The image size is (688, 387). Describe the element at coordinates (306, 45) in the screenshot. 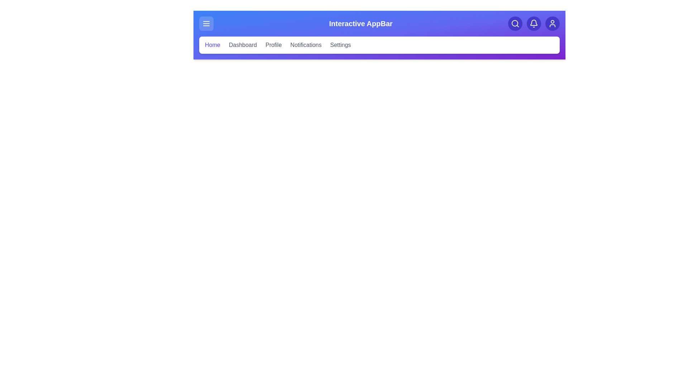

I see `the category Notifications to navigate` at that location.